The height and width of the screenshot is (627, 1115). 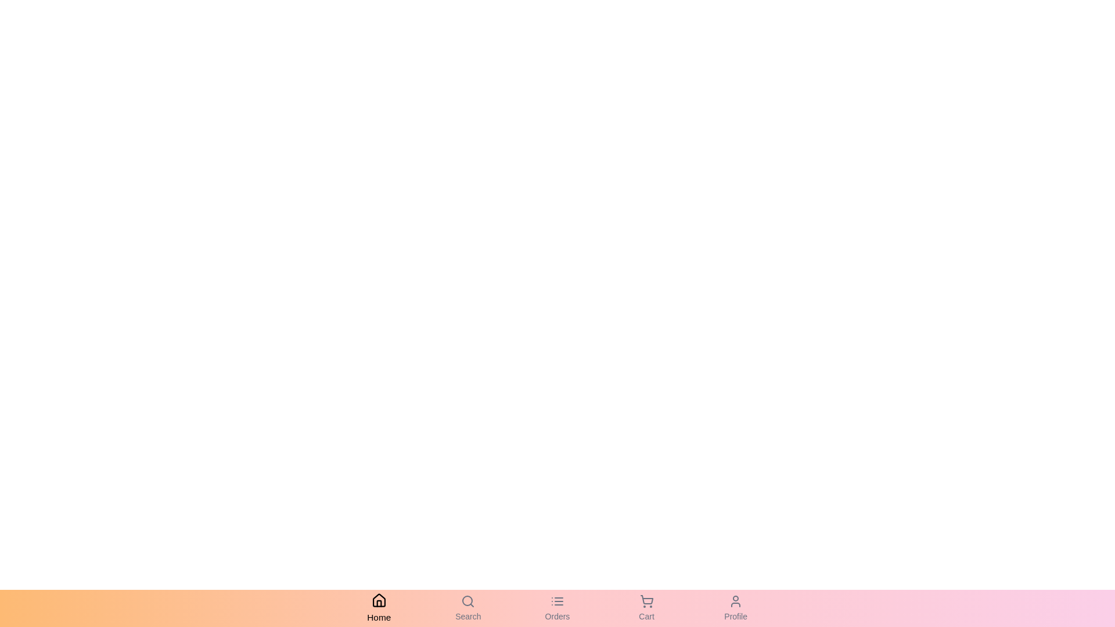 I want to click on the tab Search to observe its highlight, so click(x=468, y=608).